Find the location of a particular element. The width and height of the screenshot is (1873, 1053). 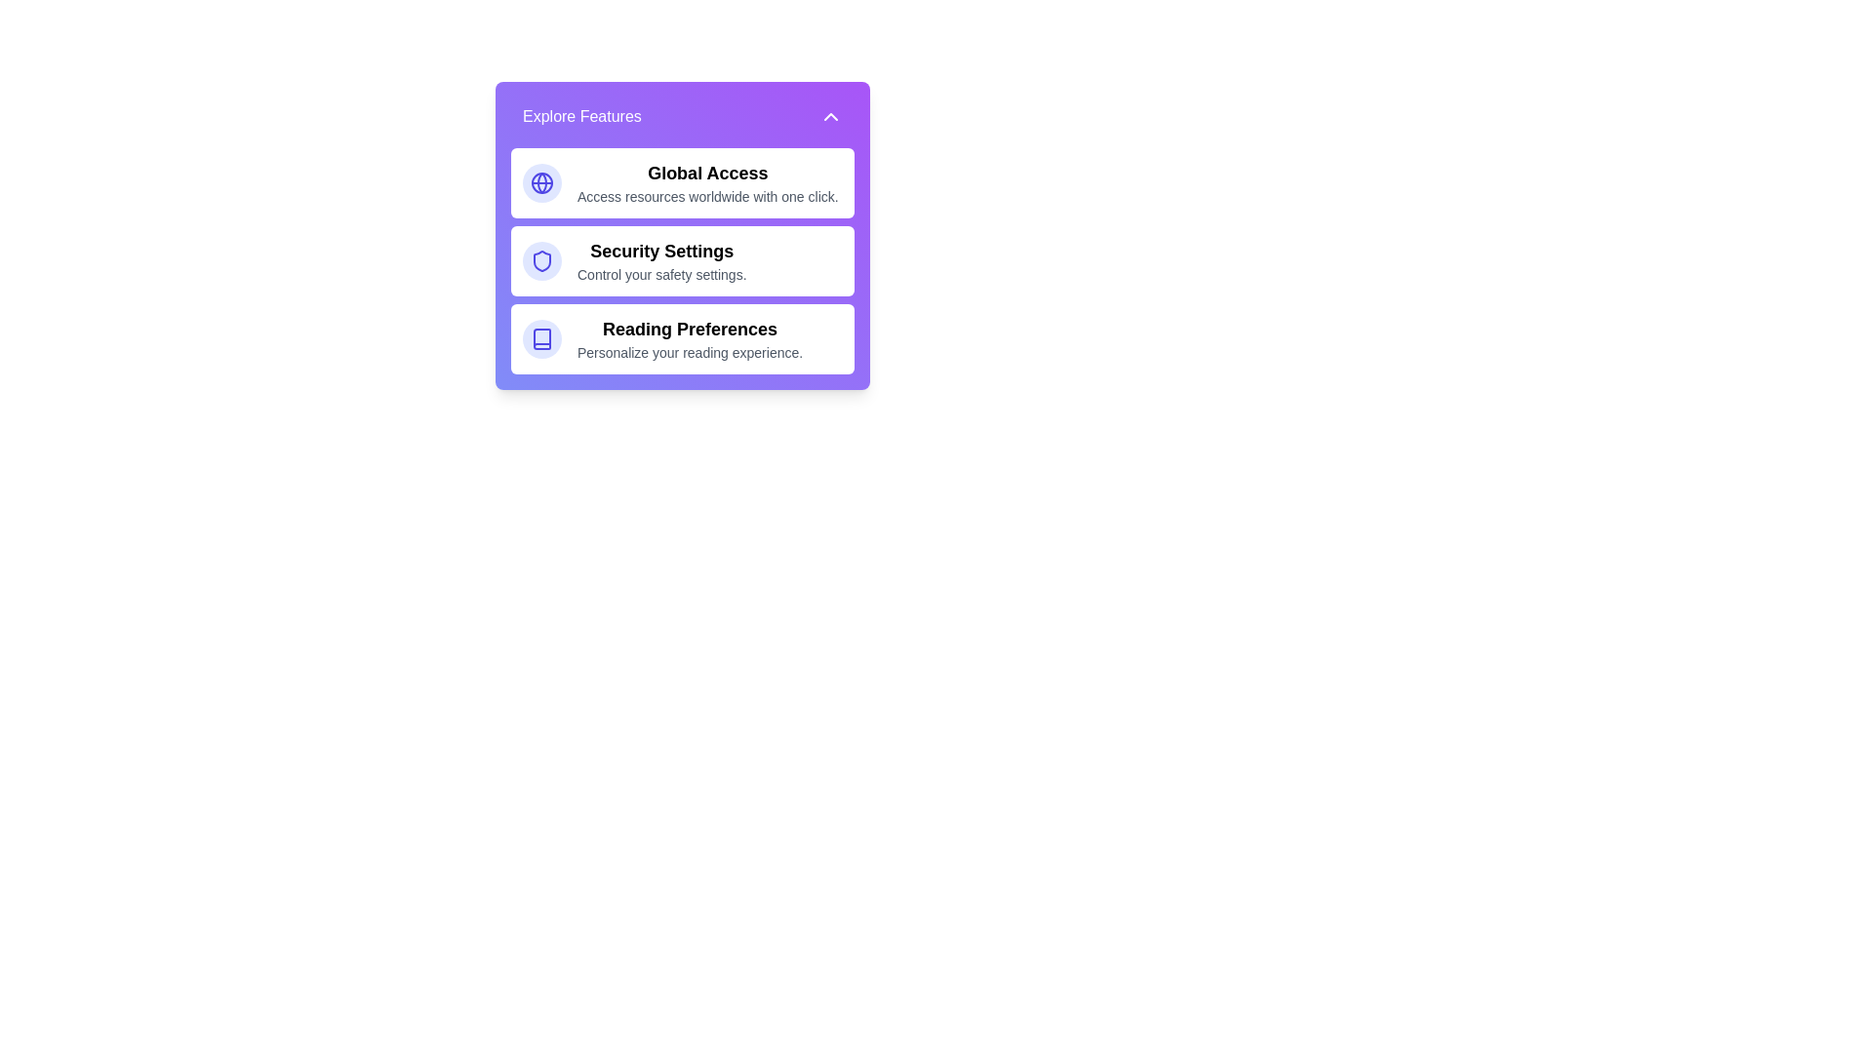

the first clickable card in the 'Explore Features' section to observe the hover effects is located at coordinates (683, 183).